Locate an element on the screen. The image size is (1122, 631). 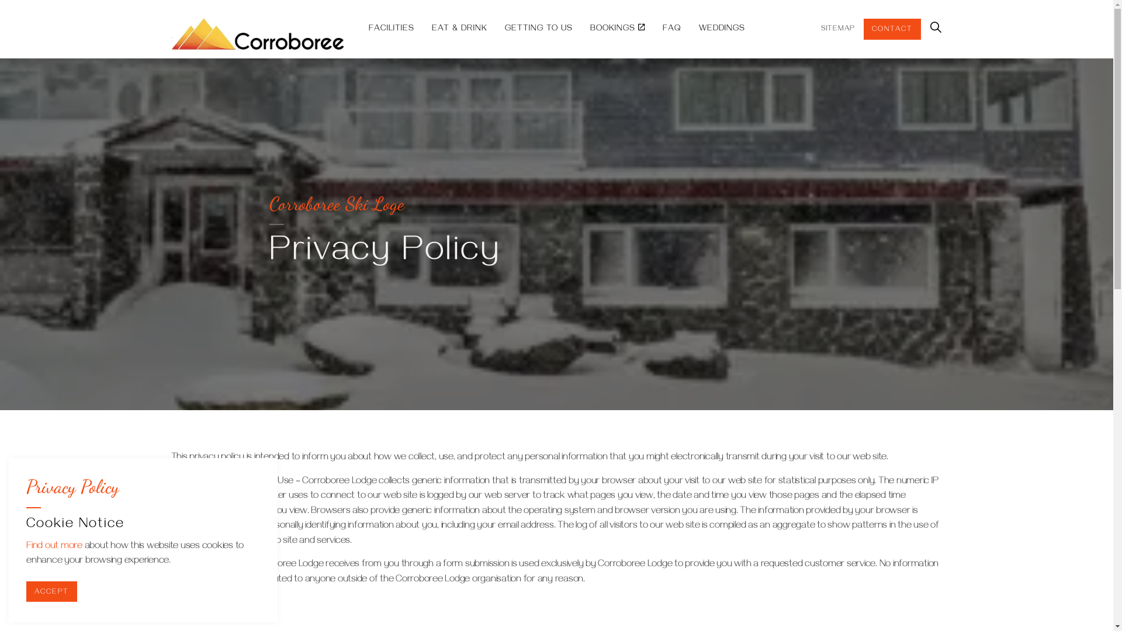
'FAQ' is located at coordinates (653, 29).